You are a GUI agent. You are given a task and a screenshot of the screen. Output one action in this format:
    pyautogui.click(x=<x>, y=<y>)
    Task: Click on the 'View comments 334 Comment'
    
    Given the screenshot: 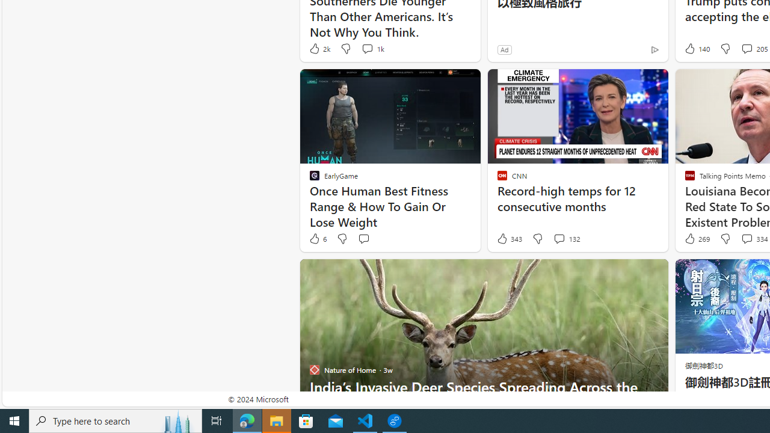 What is the action you would take?
    pyautogui.click(x=746, y=239)
    